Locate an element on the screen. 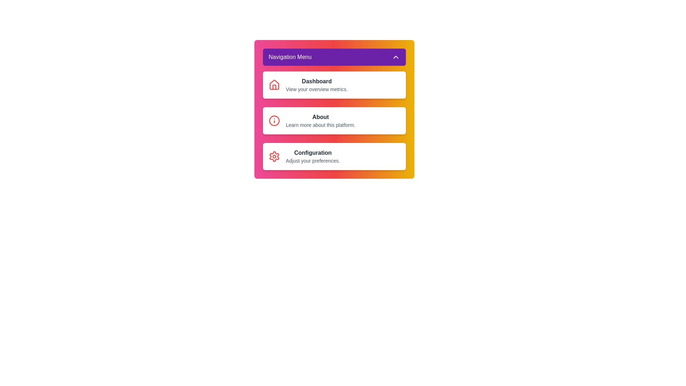 Image resolution: width=686 pixels, height=386 pixels. 'Navigation Menu' button to toggle the menu open or closed is located at coordinates (334, 56).